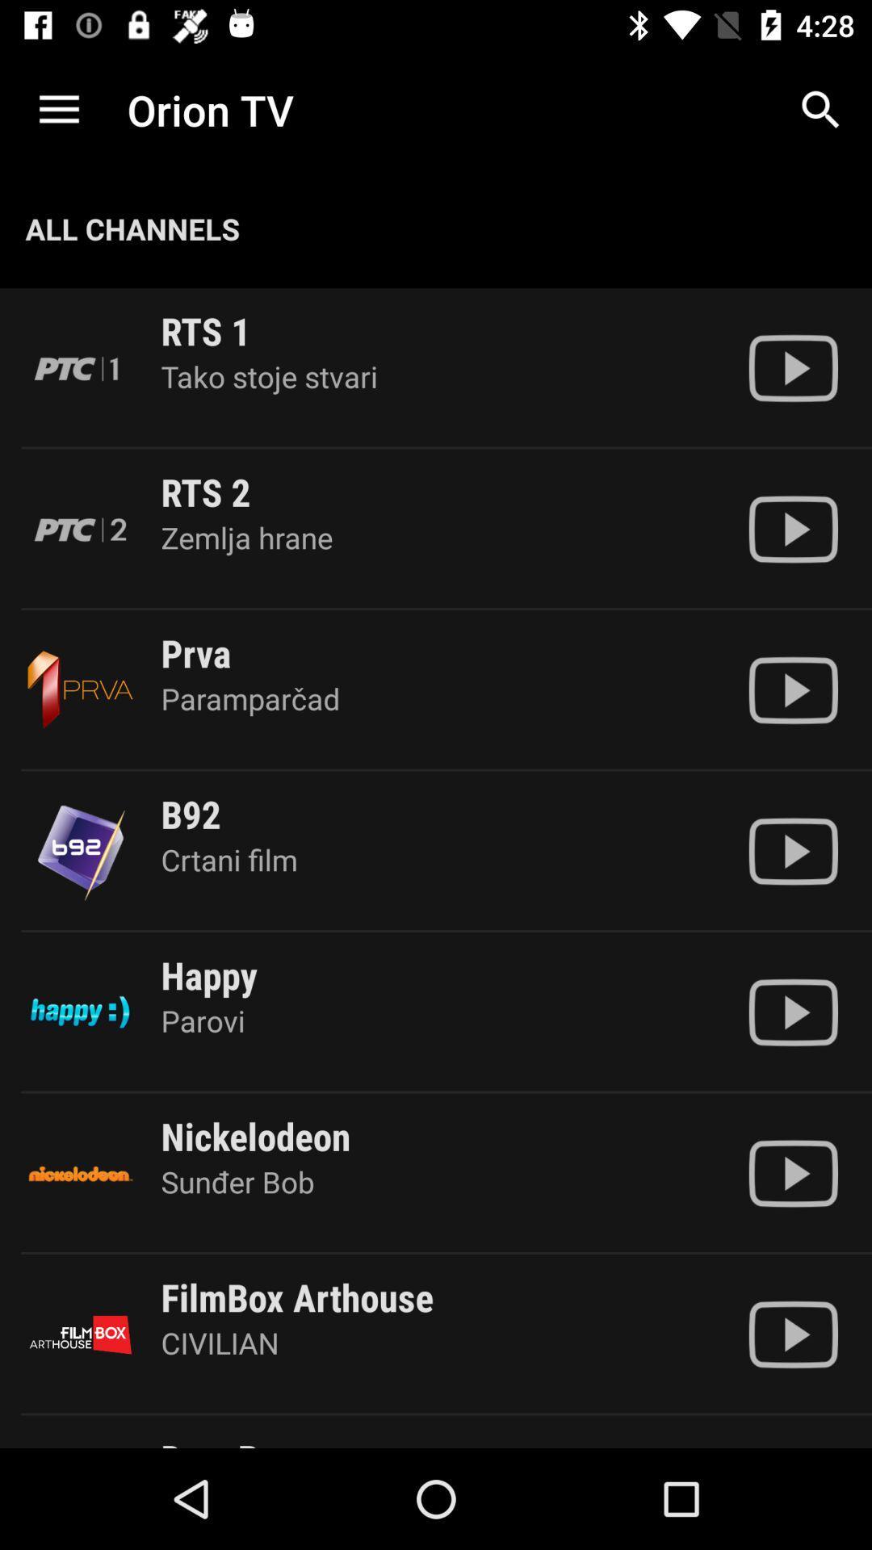 The image size is (872, 1550). What do you see at coordinates (792, 690) in the screenshot?
I see `show` at bounding box center [792, 690].